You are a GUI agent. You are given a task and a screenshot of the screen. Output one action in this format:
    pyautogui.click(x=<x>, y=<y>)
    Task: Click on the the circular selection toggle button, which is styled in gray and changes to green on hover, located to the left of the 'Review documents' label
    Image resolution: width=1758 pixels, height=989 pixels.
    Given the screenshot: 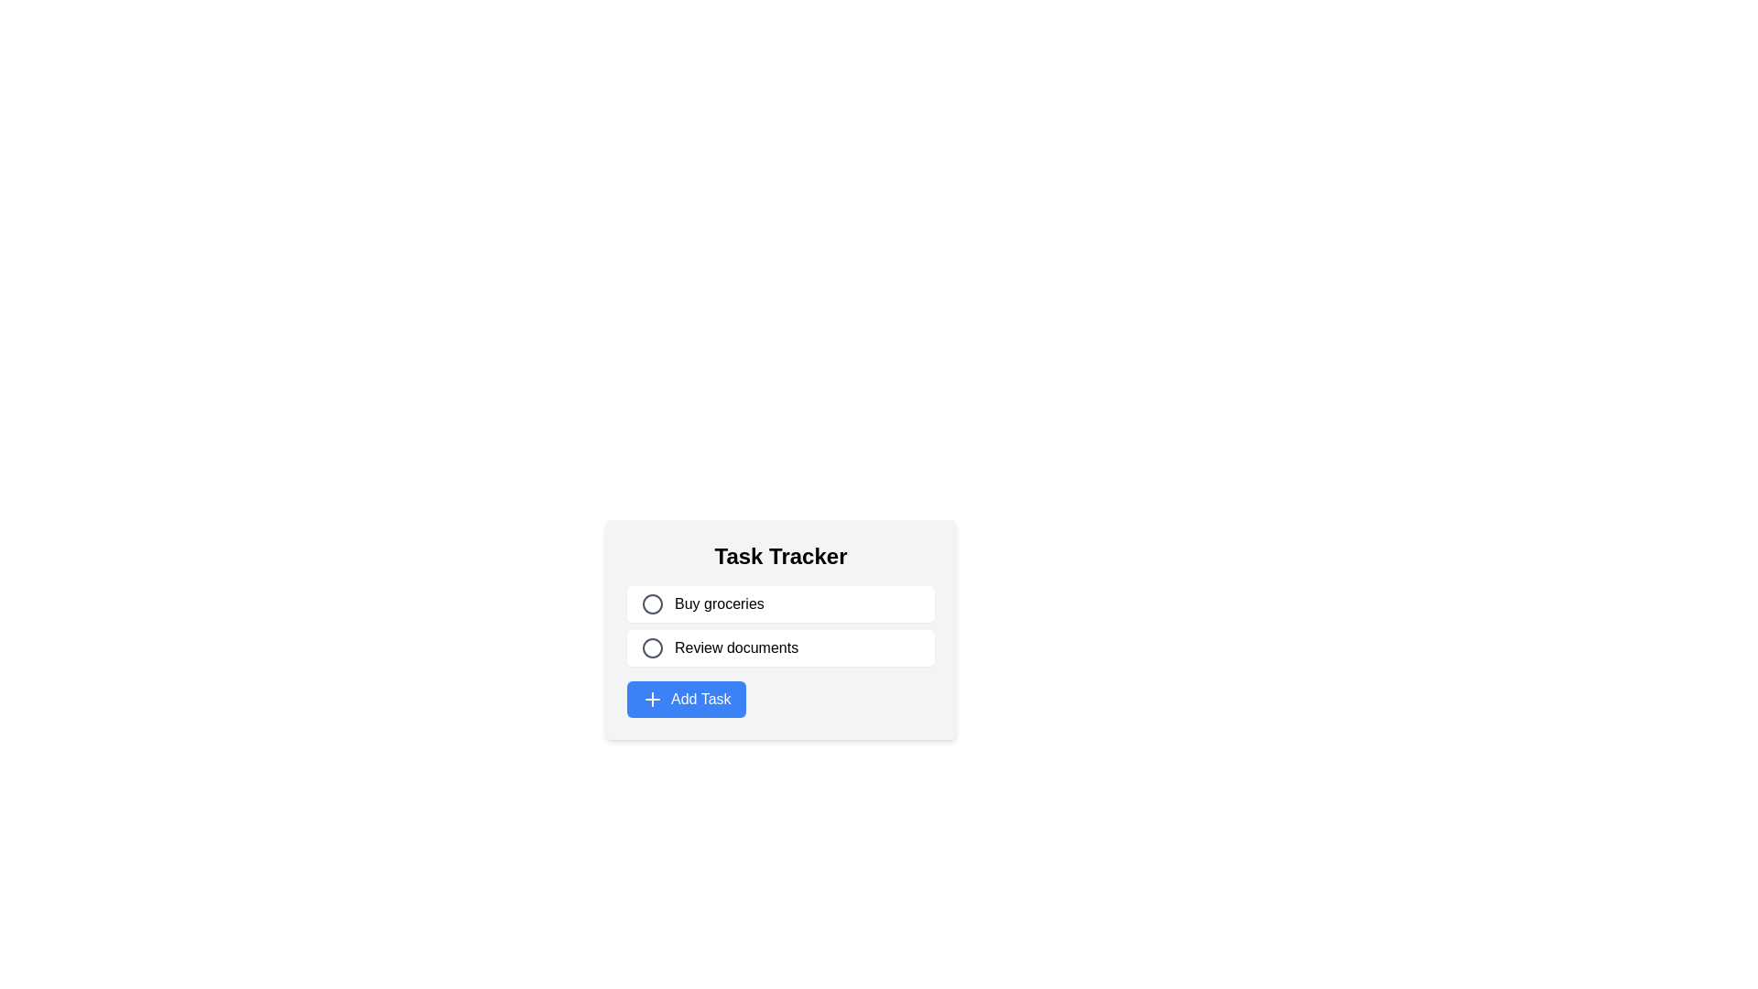 What is the action you would take?
    pyautogui.click(x=653, y=647)
    